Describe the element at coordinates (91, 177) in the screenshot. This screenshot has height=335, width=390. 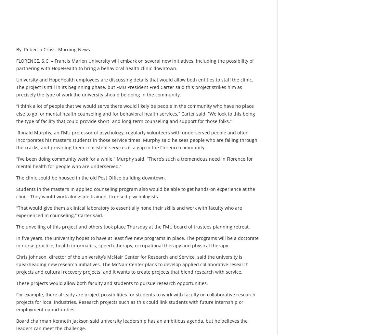
I see `'The clinic could be housed in the old Post Office building downtown.'` at that location.